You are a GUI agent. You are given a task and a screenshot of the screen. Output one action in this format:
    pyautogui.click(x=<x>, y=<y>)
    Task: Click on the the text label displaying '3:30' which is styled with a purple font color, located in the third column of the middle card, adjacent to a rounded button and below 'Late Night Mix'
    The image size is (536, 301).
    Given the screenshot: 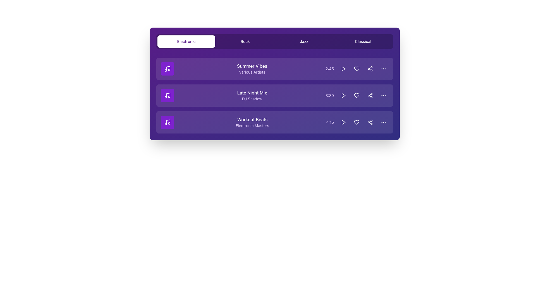 What is the action you would take?
    pyautogui.click(x=329, y=95)
    